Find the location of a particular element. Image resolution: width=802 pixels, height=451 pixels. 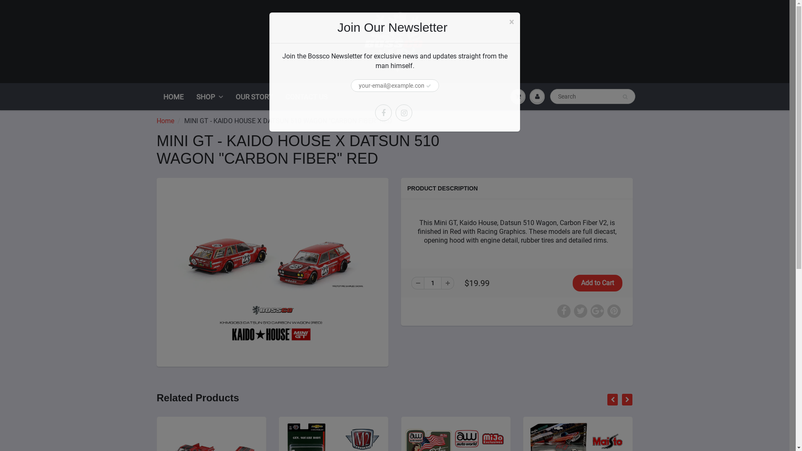

'SHOP' is located at coordinates (210, 96).